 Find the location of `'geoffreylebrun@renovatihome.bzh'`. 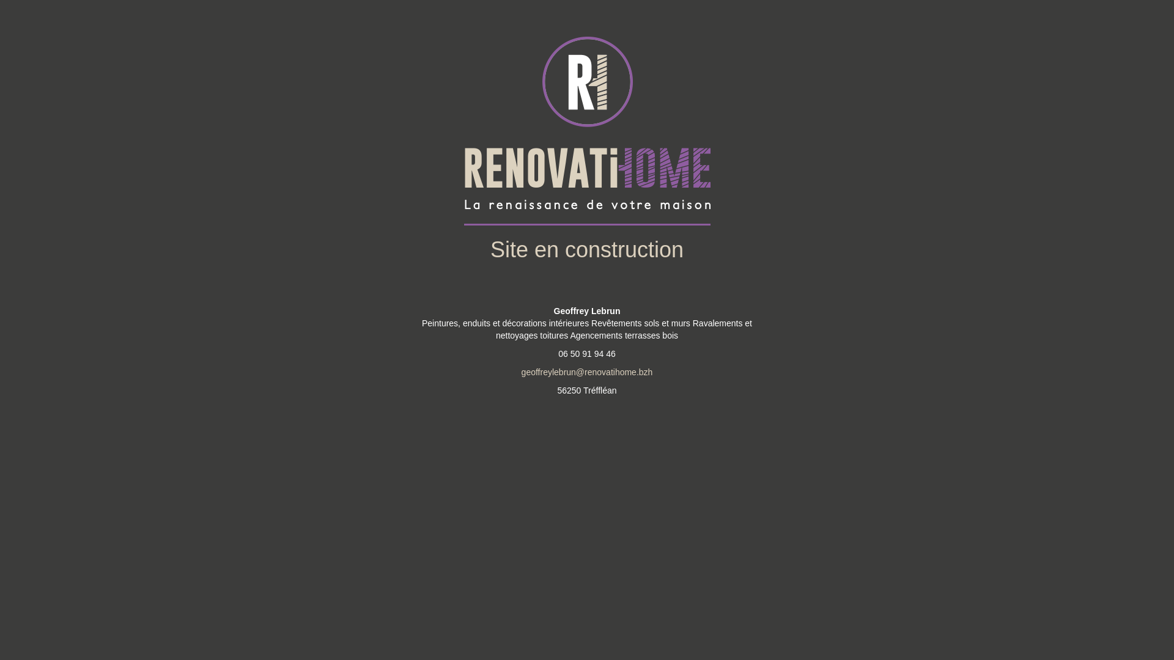

'geoffreylebrun@renovatihome.bzh' is located at coordinates (587, 372).